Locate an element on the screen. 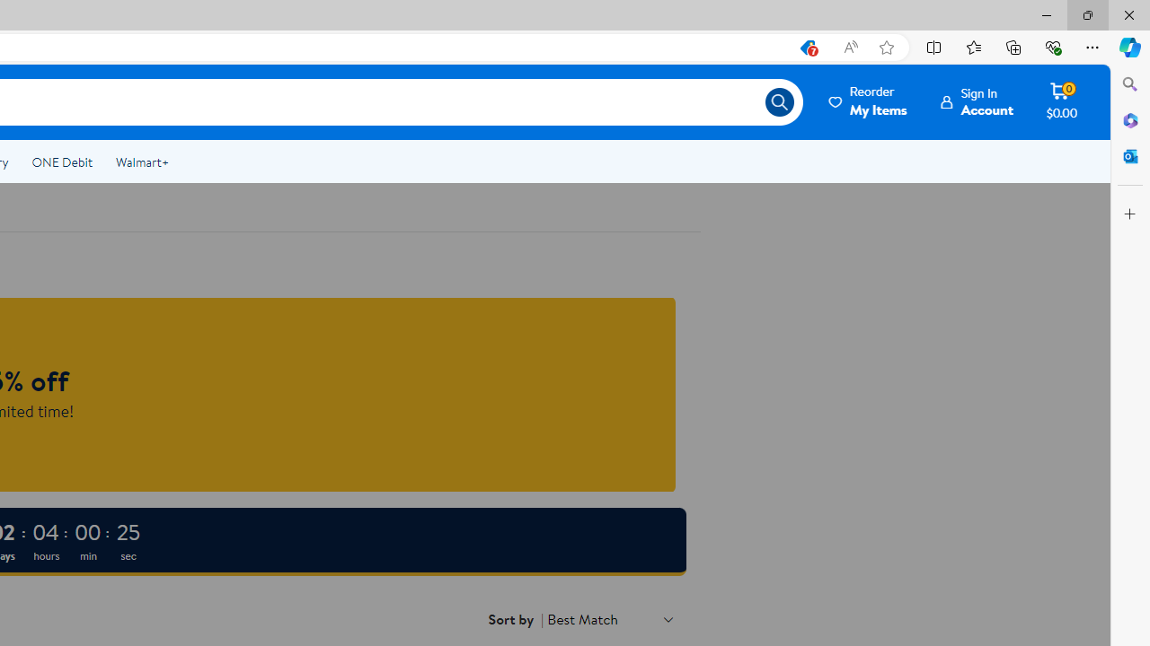 The height and width of the screenshot is (646, 1150). 'Search icon' is located at coordinates (779, 102).